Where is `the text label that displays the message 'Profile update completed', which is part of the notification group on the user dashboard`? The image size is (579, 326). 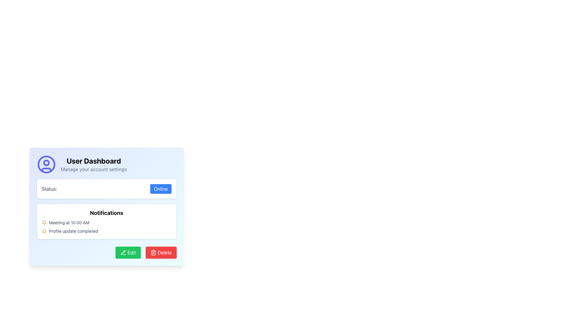
the text label that displays the message 'Profile update completed', which is part of the notification group on the user dashboard is located at coordinates (73, 231).